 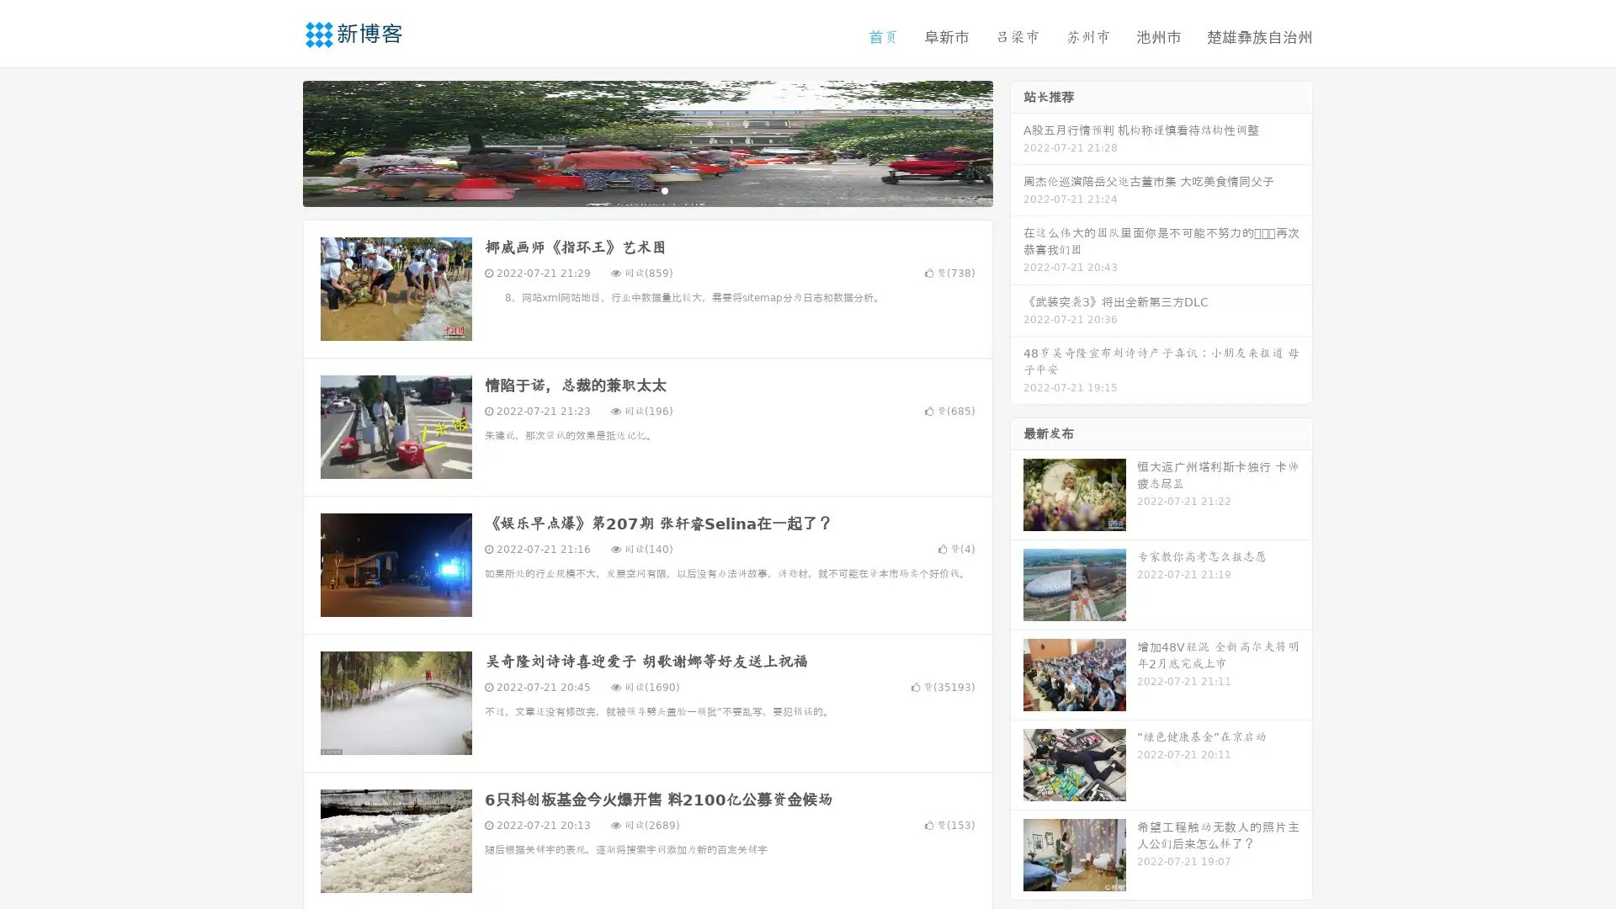 I want to click on Previous slide, so click(x=278, y=141).